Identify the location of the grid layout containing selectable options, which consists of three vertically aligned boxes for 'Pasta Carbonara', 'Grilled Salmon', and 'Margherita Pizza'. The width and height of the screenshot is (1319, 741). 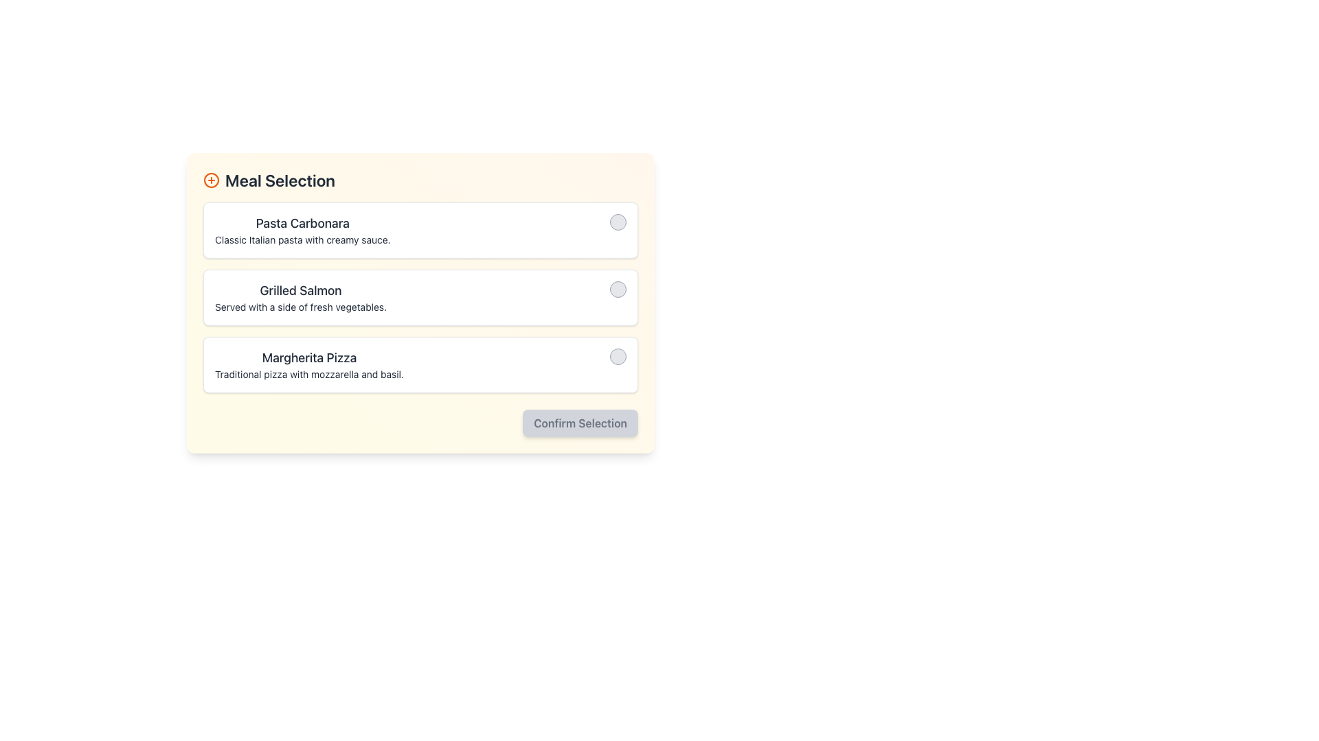
(420, 297).